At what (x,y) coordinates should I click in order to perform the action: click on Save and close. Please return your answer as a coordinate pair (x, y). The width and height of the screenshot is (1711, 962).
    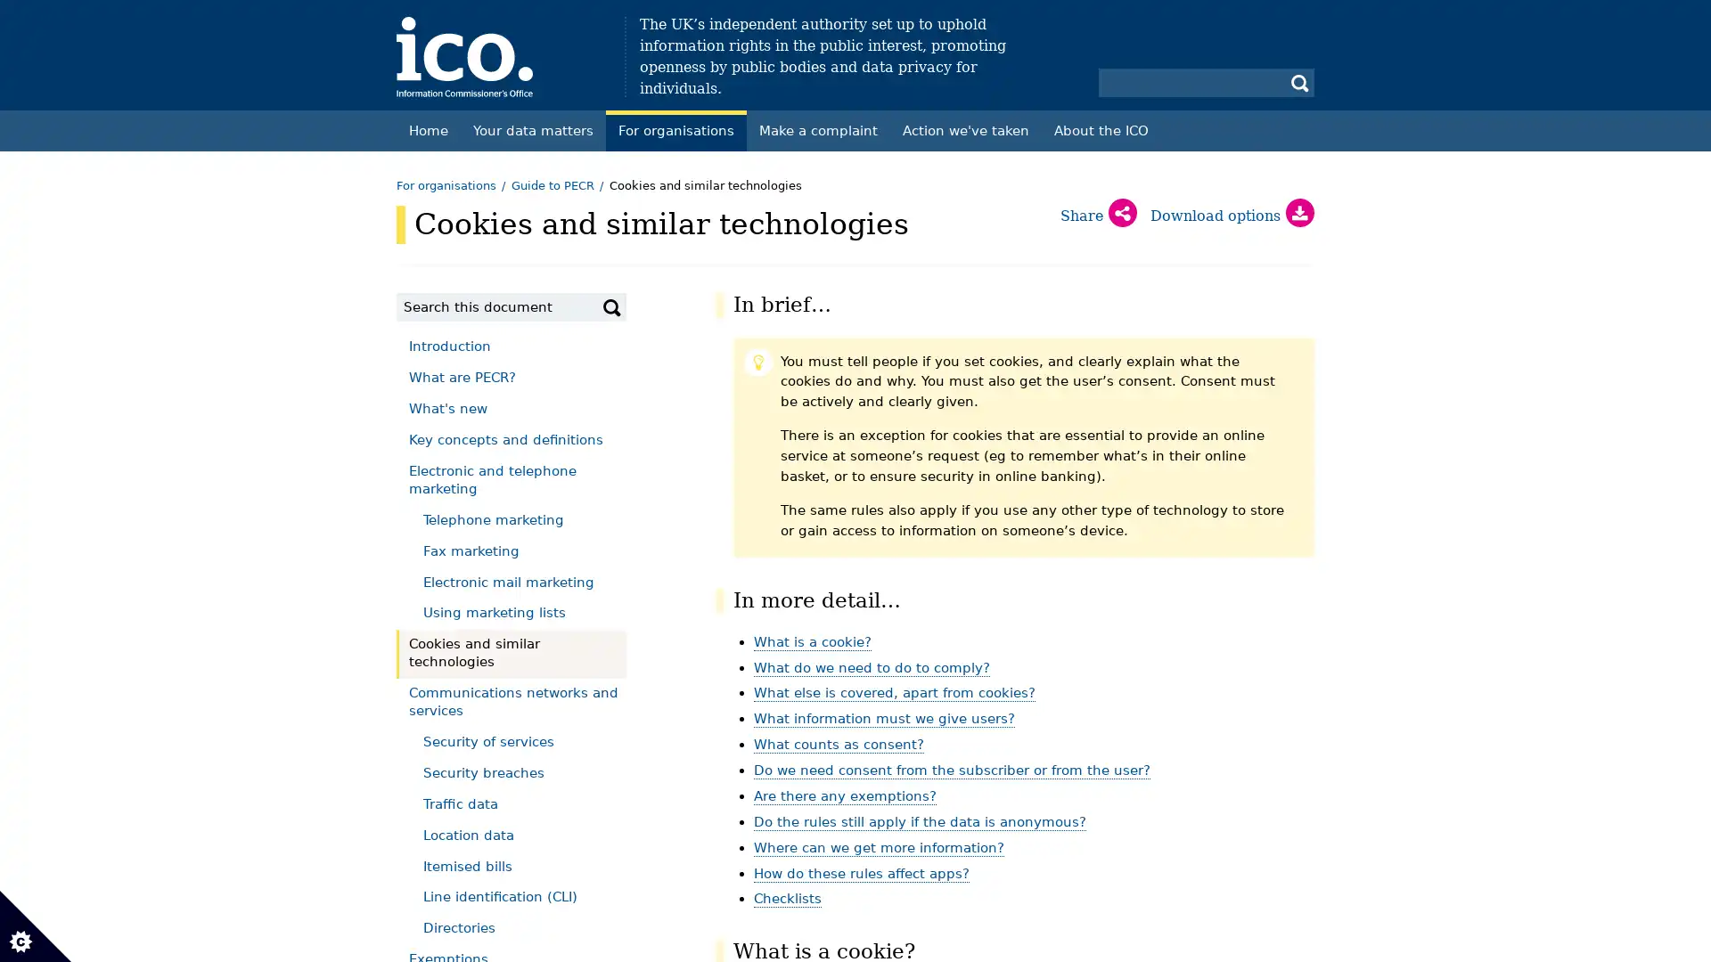
    Looking at the image, I should click on (93, 674).